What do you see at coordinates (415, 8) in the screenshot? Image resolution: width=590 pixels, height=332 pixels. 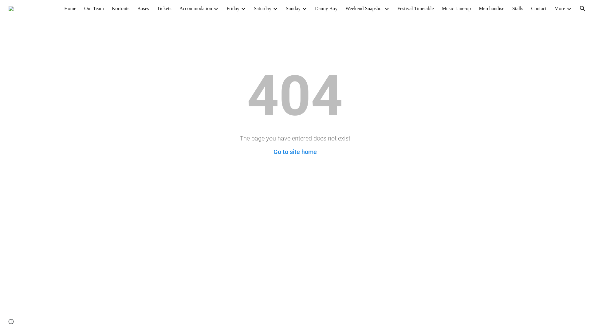 I see `'Festival Timetable'` at bounding box center [415, 8].